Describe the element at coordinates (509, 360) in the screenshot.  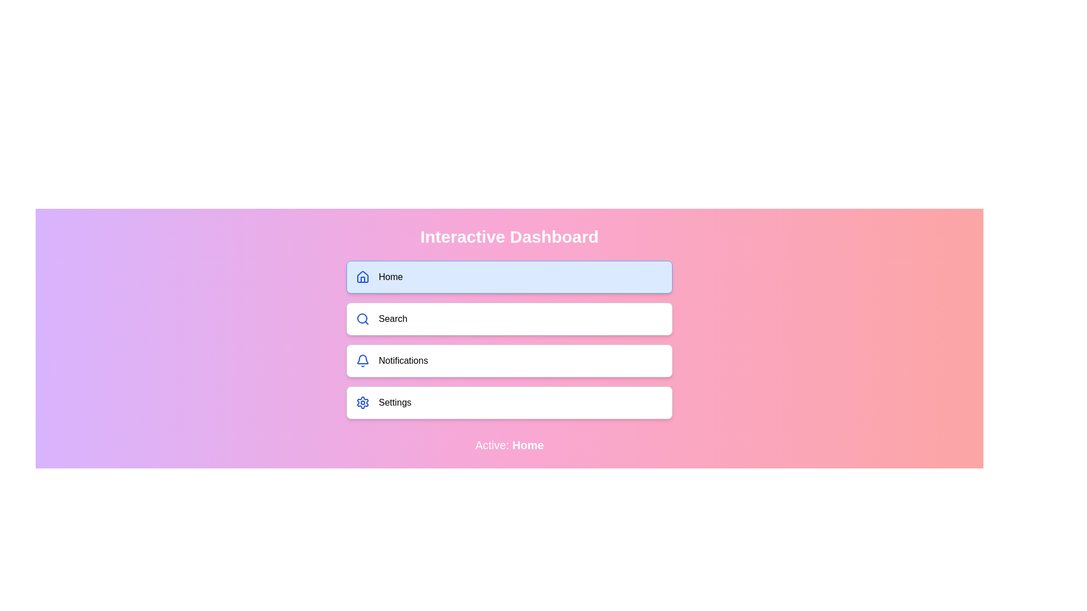
I see `the Notifications navigation menu item` at that location.